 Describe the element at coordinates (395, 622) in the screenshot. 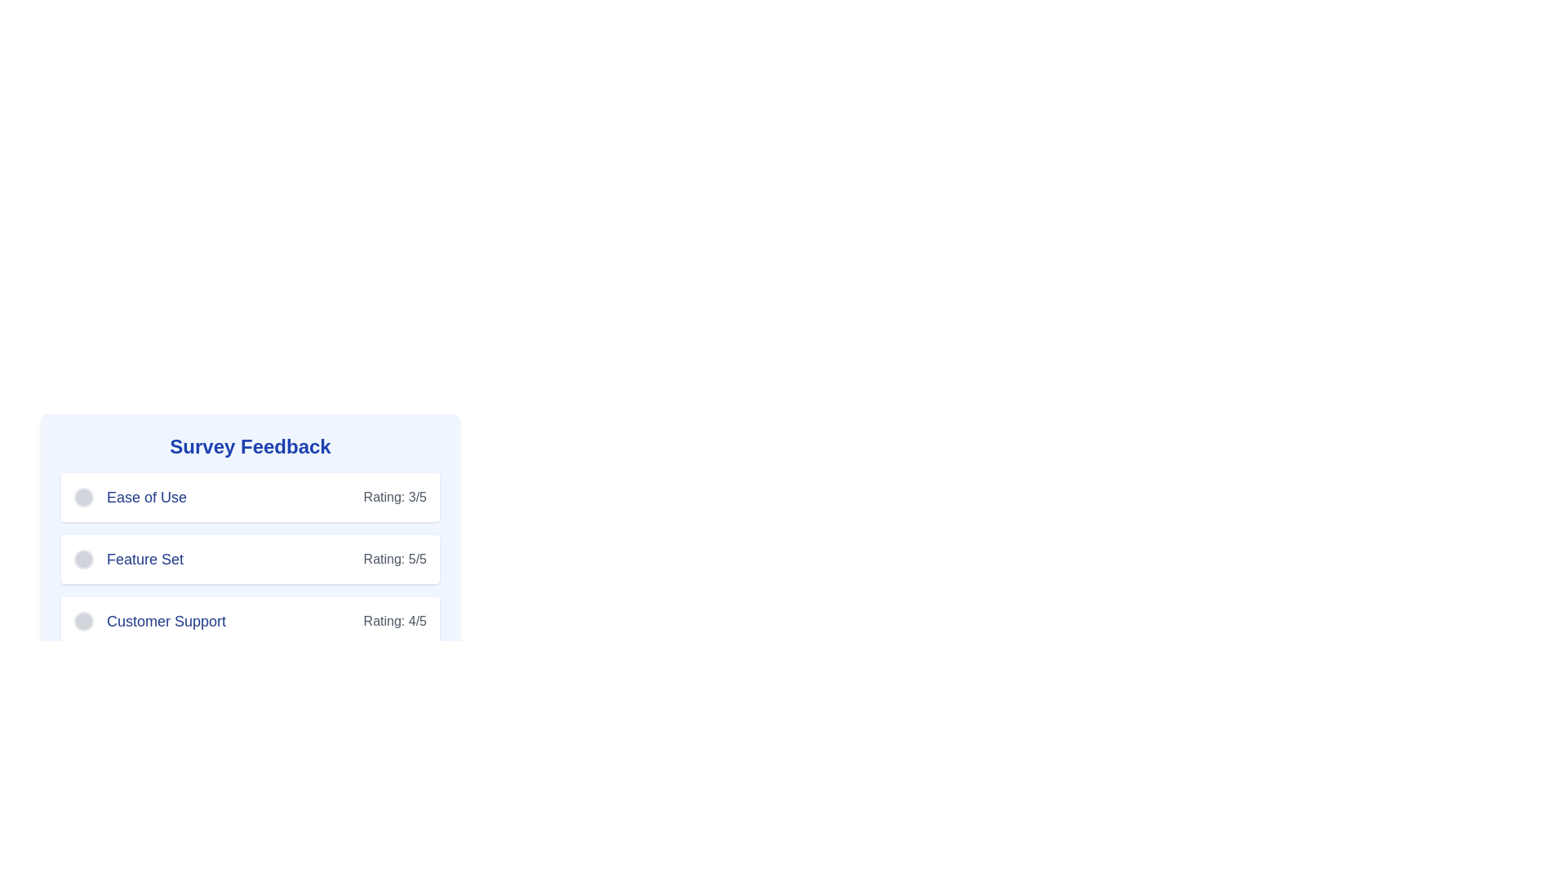

I see `the Text Label that displays the rating score for 'Customer Support', located on the right-hand side below the text 'Customer Support'` at that location.